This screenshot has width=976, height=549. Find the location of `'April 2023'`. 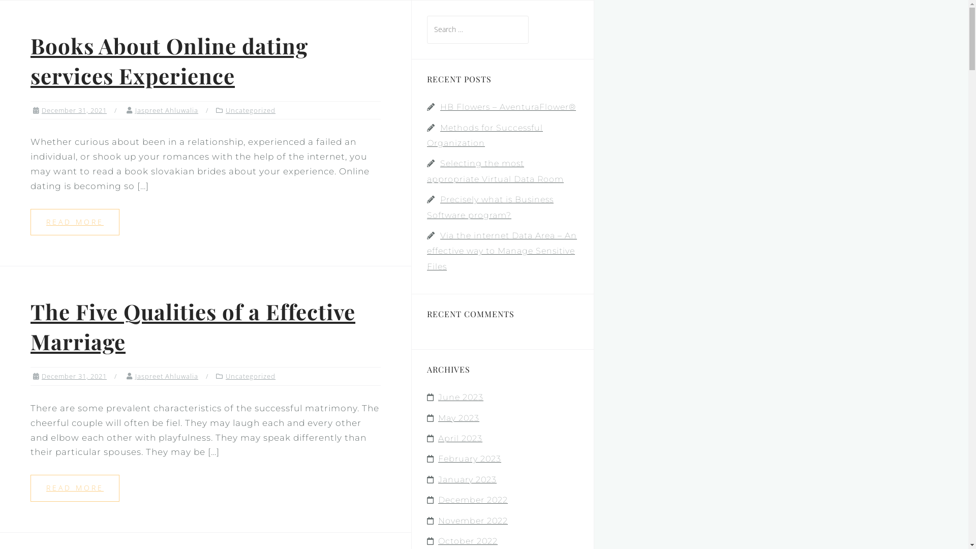

'April 2023' is located at coordinates (460, 438).